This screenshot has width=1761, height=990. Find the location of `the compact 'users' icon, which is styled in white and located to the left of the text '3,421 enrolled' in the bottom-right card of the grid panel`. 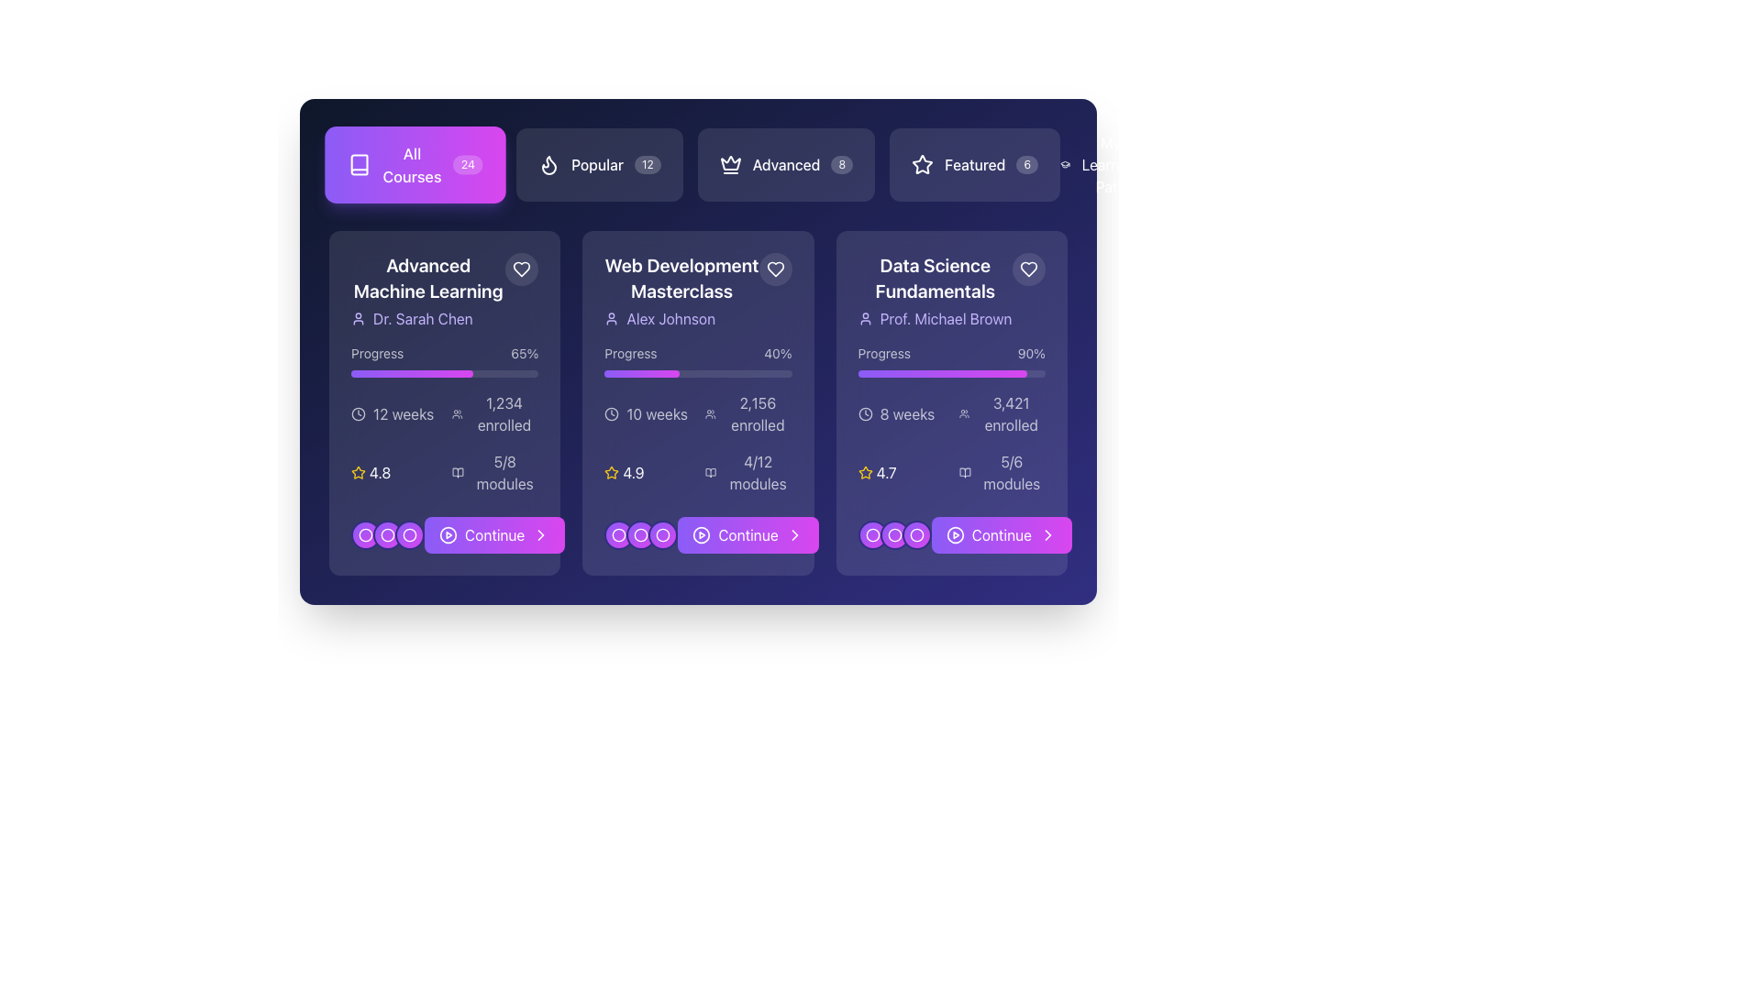

the compact 'users' icon, which is styled in white and located to the left of the text '3,421 enrolled' in the bottom-right card of the grid panel is located at coordinates (963, 413).